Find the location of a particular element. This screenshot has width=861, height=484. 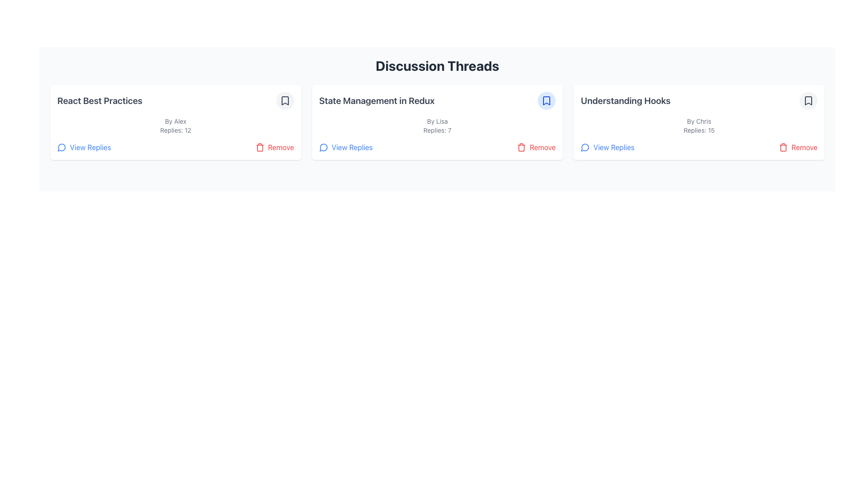

the interactive text link with an icon located in the card titled 'React Best Practices' is located at coordinates (84, 147).